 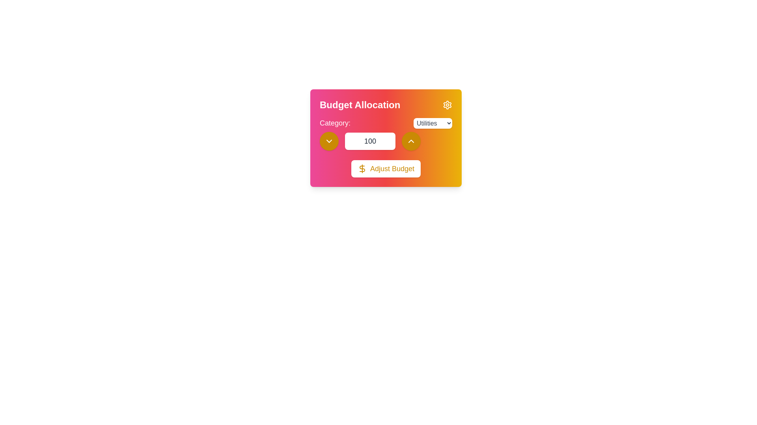 What do you see at coordinates (329, 140) in the screenshot?
I see `the dropdown toggle icon within the circular button located to the left of the input field labeled '100'` at bounding box center [329, 140].